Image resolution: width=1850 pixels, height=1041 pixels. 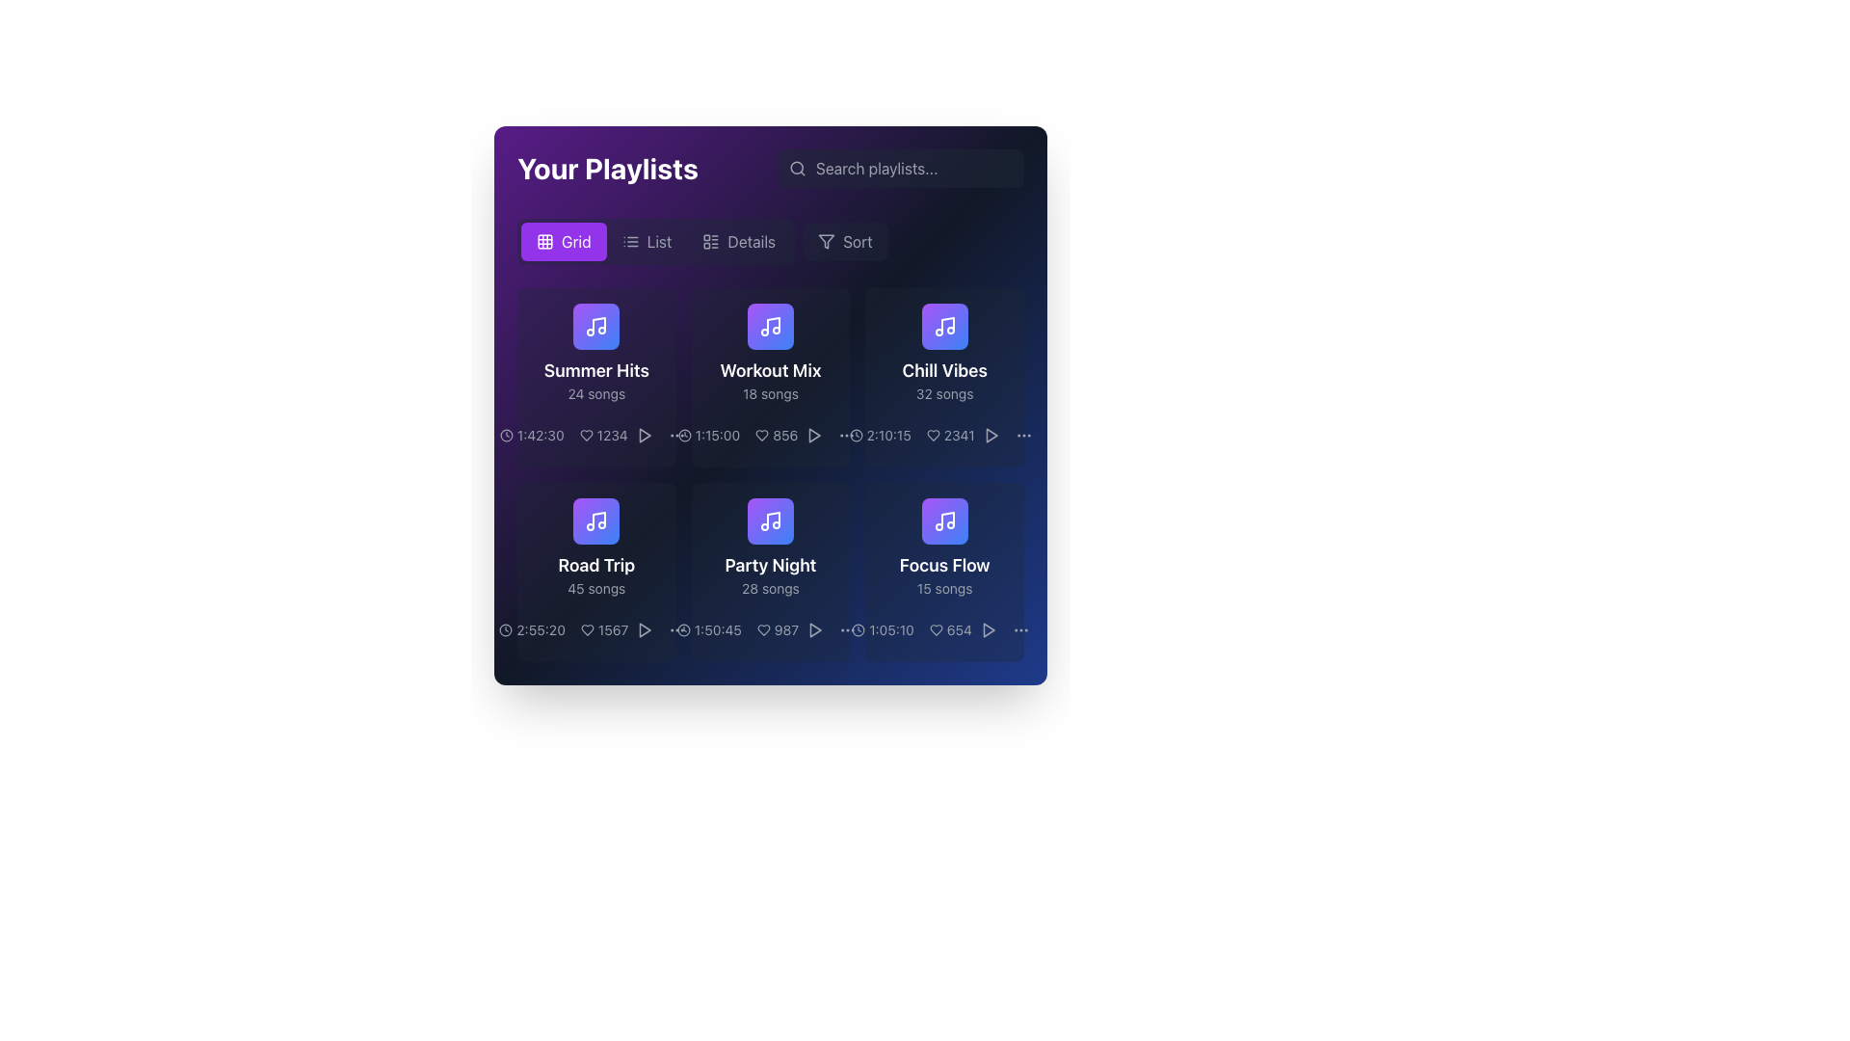 I want to click on the duration display of the 'Summer Hits' playlist, which is located in the second row of the playlists grid, under the playlist card, and is the first item in the metadata list, so click(x=532, y=435).